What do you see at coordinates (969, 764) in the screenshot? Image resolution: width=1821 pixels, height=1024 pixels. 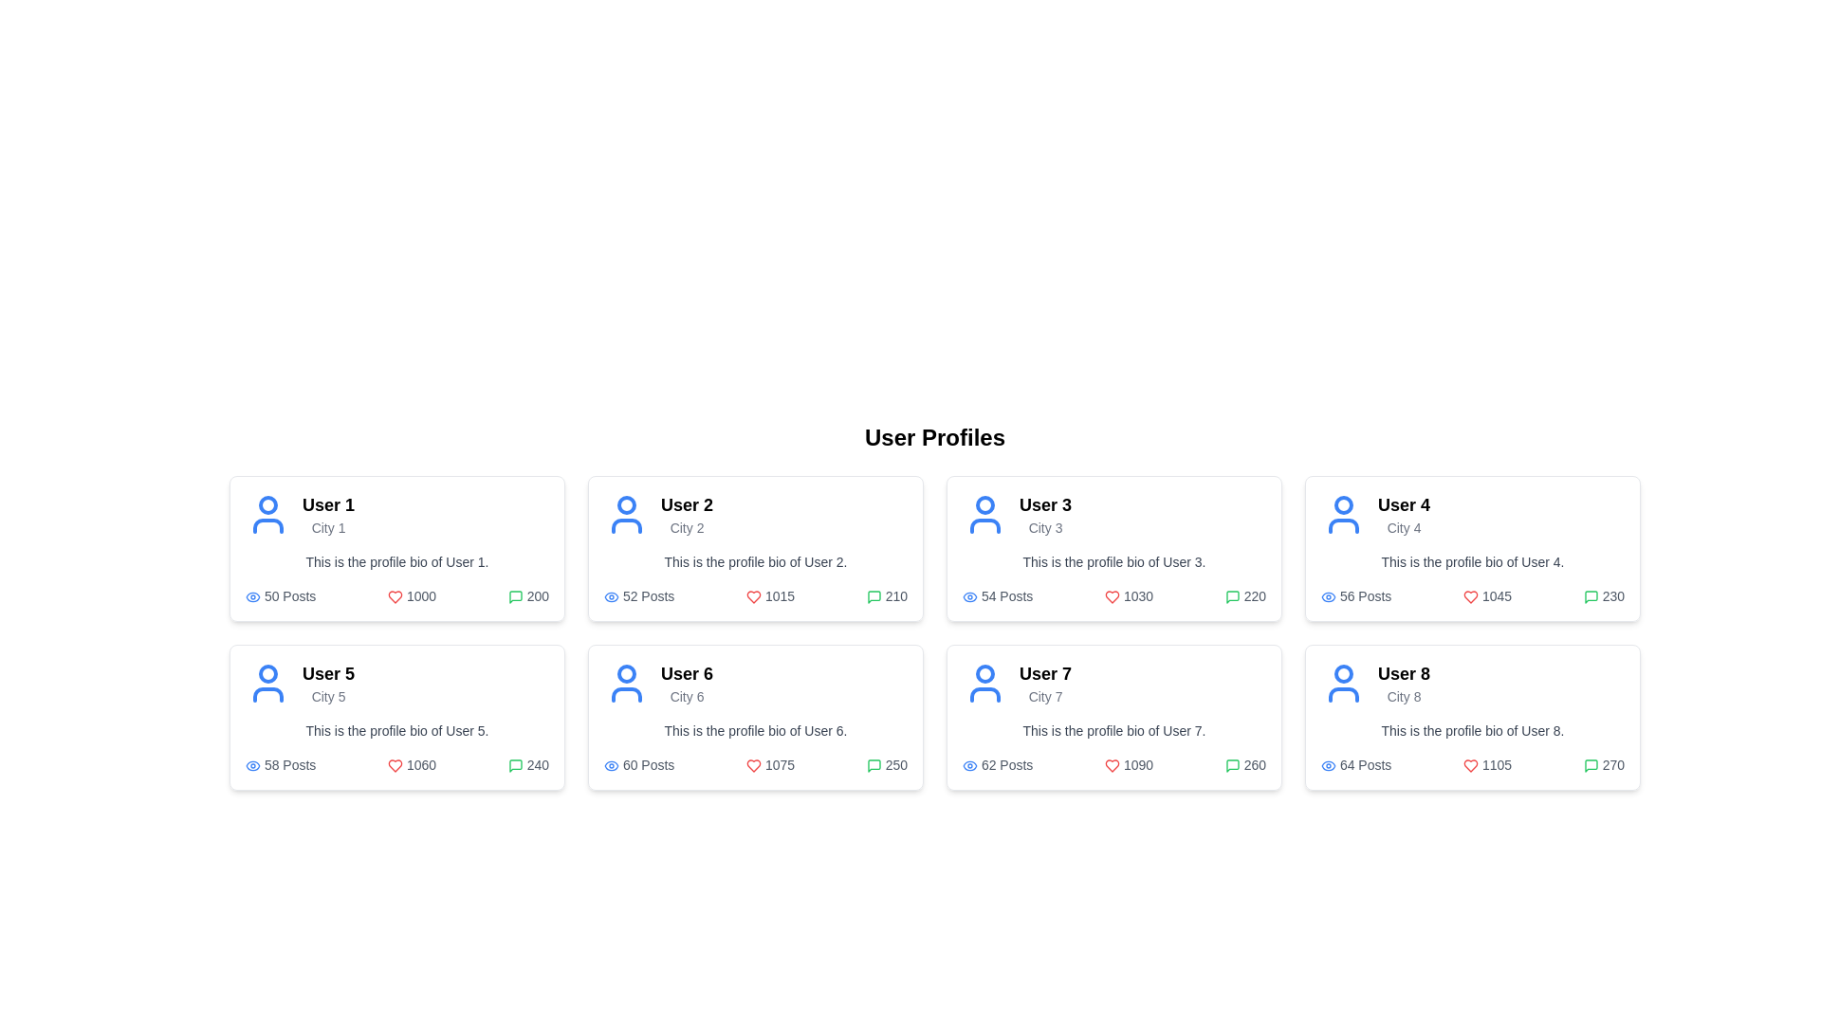 I see `the eye-shaped blue icon located before the text '62 Posts' in the 'User 7' profile card` at bounding box center [969, 764].